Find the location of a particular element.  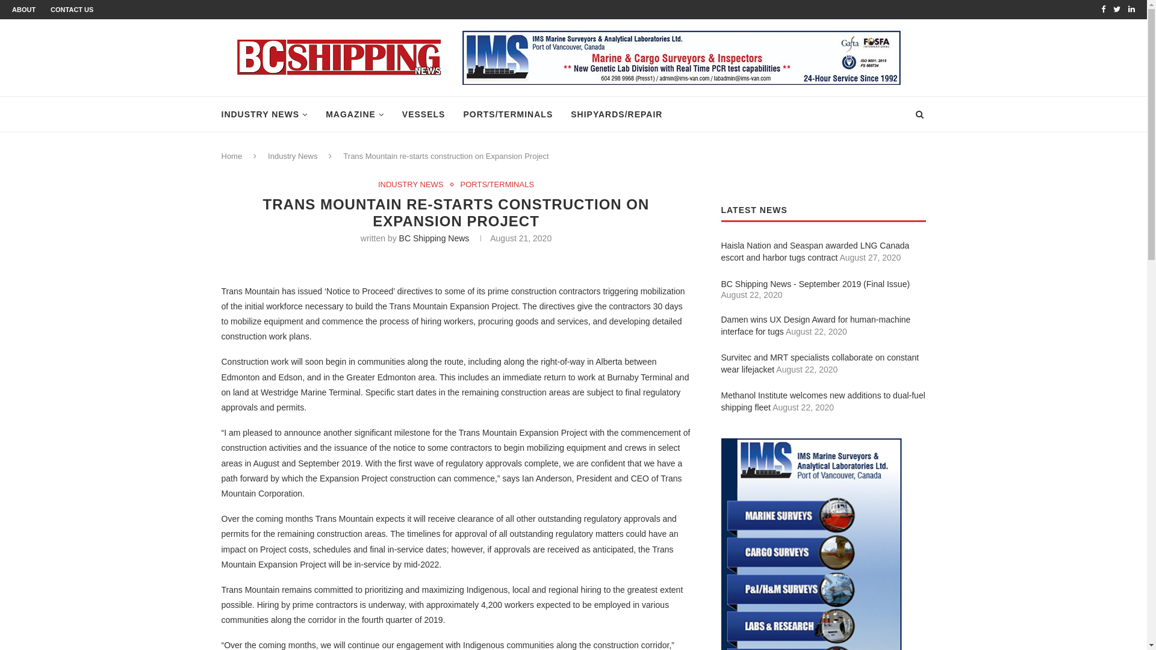

'SHIPYARDS/REPAIR' is located at coordinates (616, 114).